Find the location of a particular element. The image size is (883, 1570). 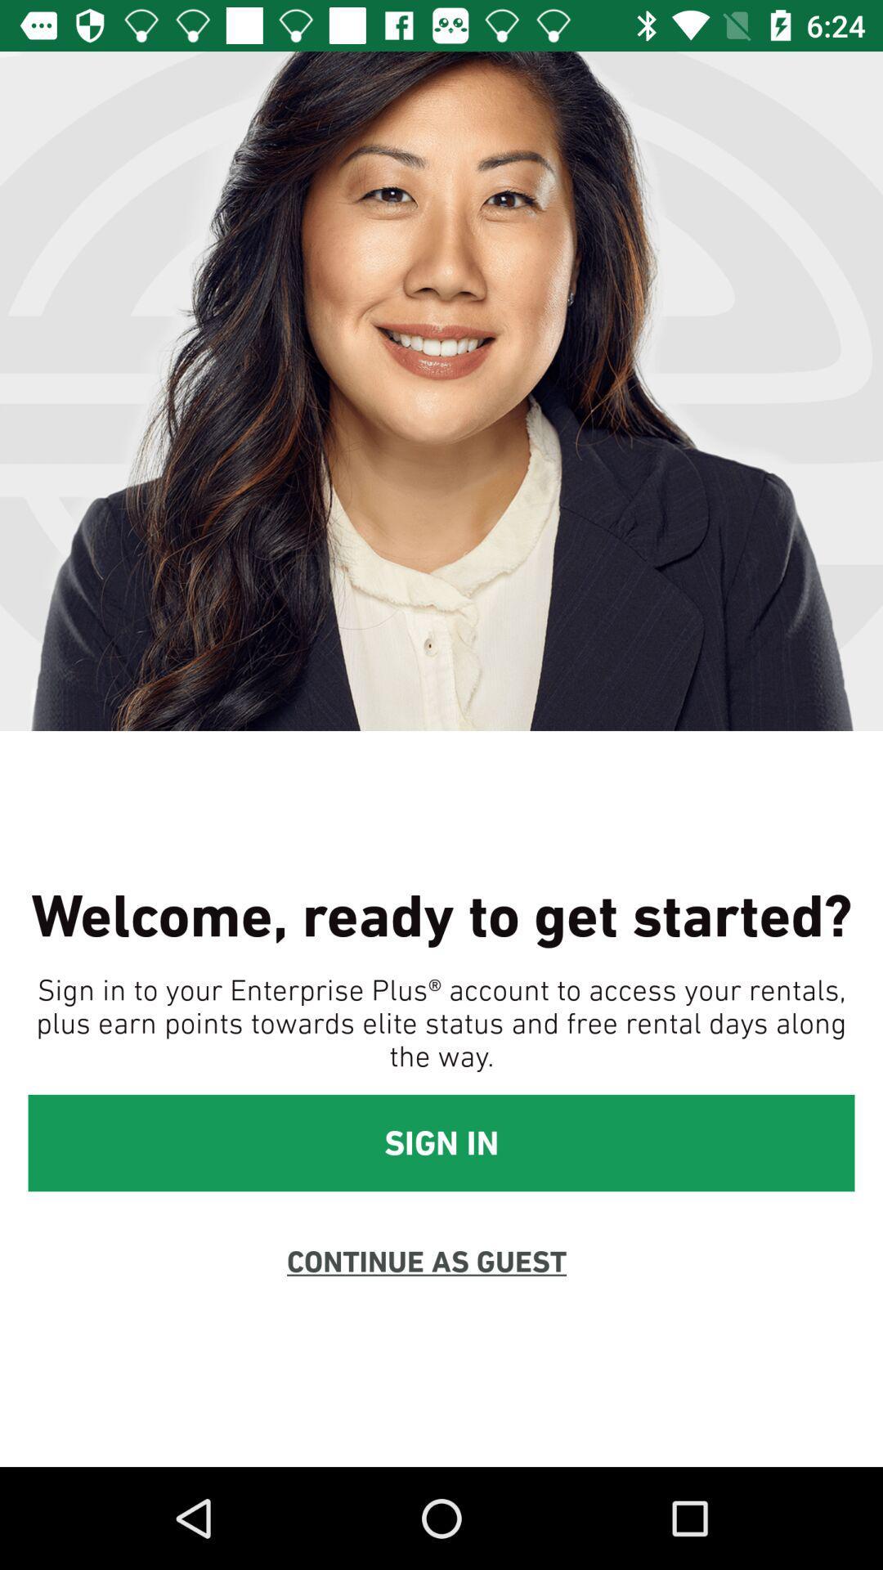

the icon below sign in is located at coordinates (425, 1260).